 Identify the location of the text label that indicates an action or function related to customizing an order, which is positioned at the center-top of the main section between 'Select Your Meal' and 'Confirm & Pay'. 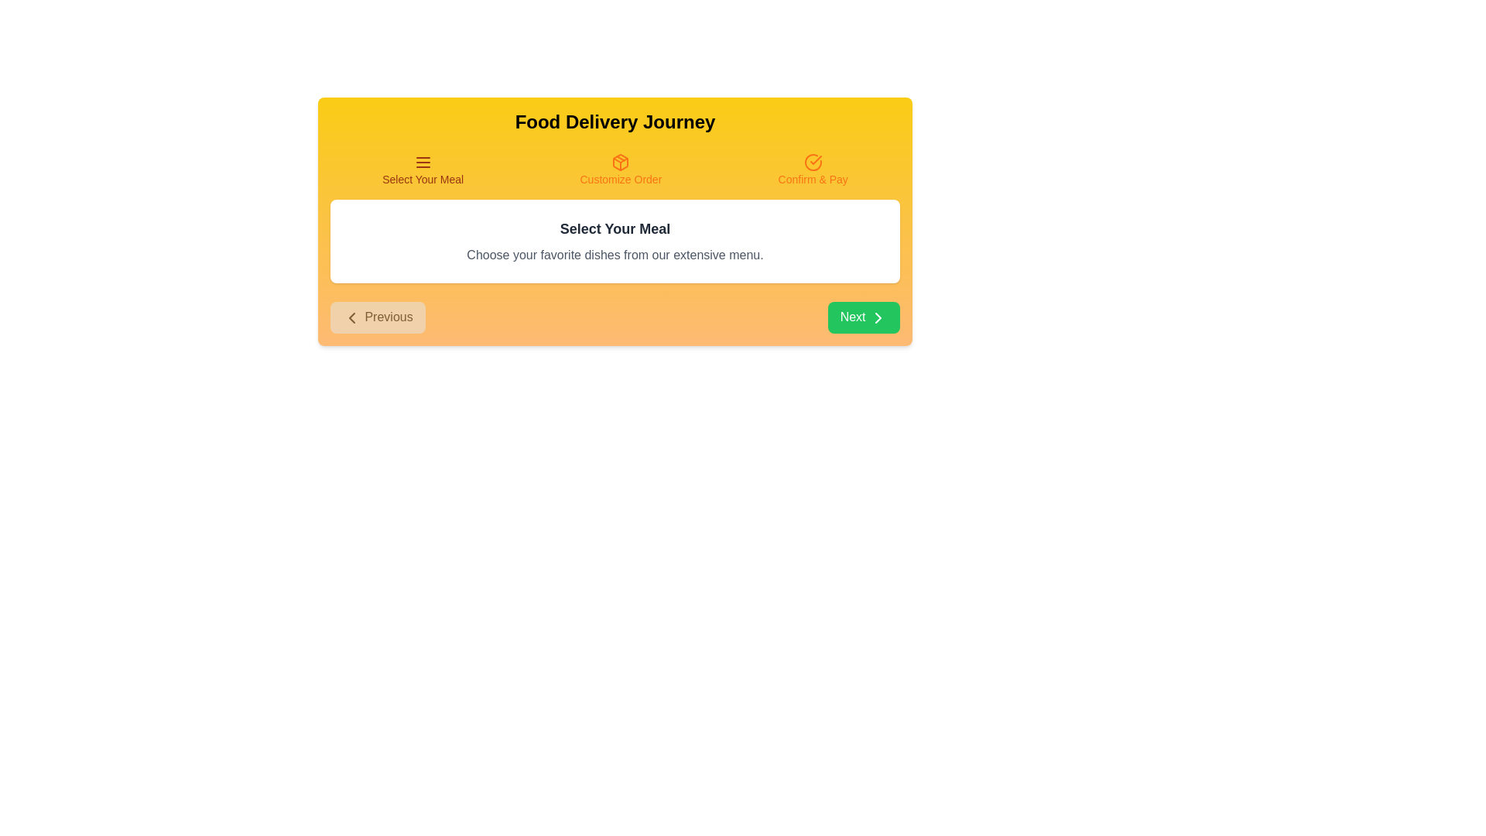
(621, 178).